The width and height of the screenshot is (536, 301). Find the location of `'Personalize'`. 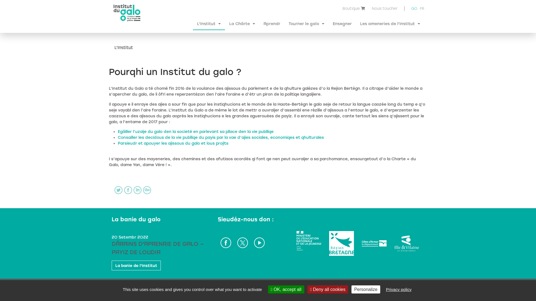

'Personalize' is located at coordinates (366, 289).